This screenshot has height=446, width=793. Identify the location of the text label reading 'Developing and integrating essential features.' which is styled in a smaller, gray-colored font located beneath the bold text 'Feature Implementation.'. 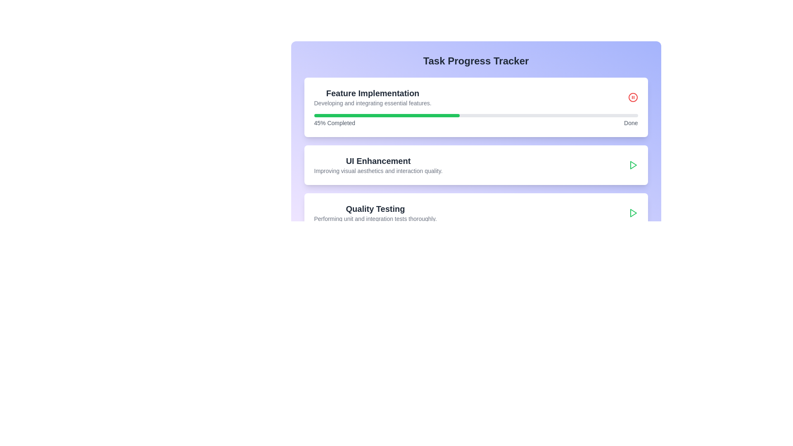
(372, 103).